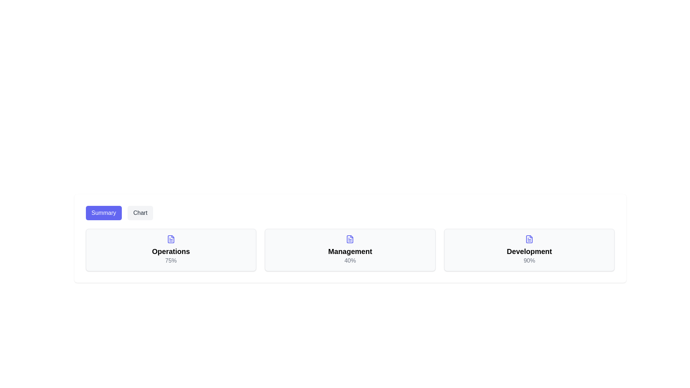  Describe the element at coordinates (529, 249) in the screenshot. I see `the 'Development' performance card located at the far right of the grid layout, below the 'Summary' and 'Chart' navigation tabs` at that location.